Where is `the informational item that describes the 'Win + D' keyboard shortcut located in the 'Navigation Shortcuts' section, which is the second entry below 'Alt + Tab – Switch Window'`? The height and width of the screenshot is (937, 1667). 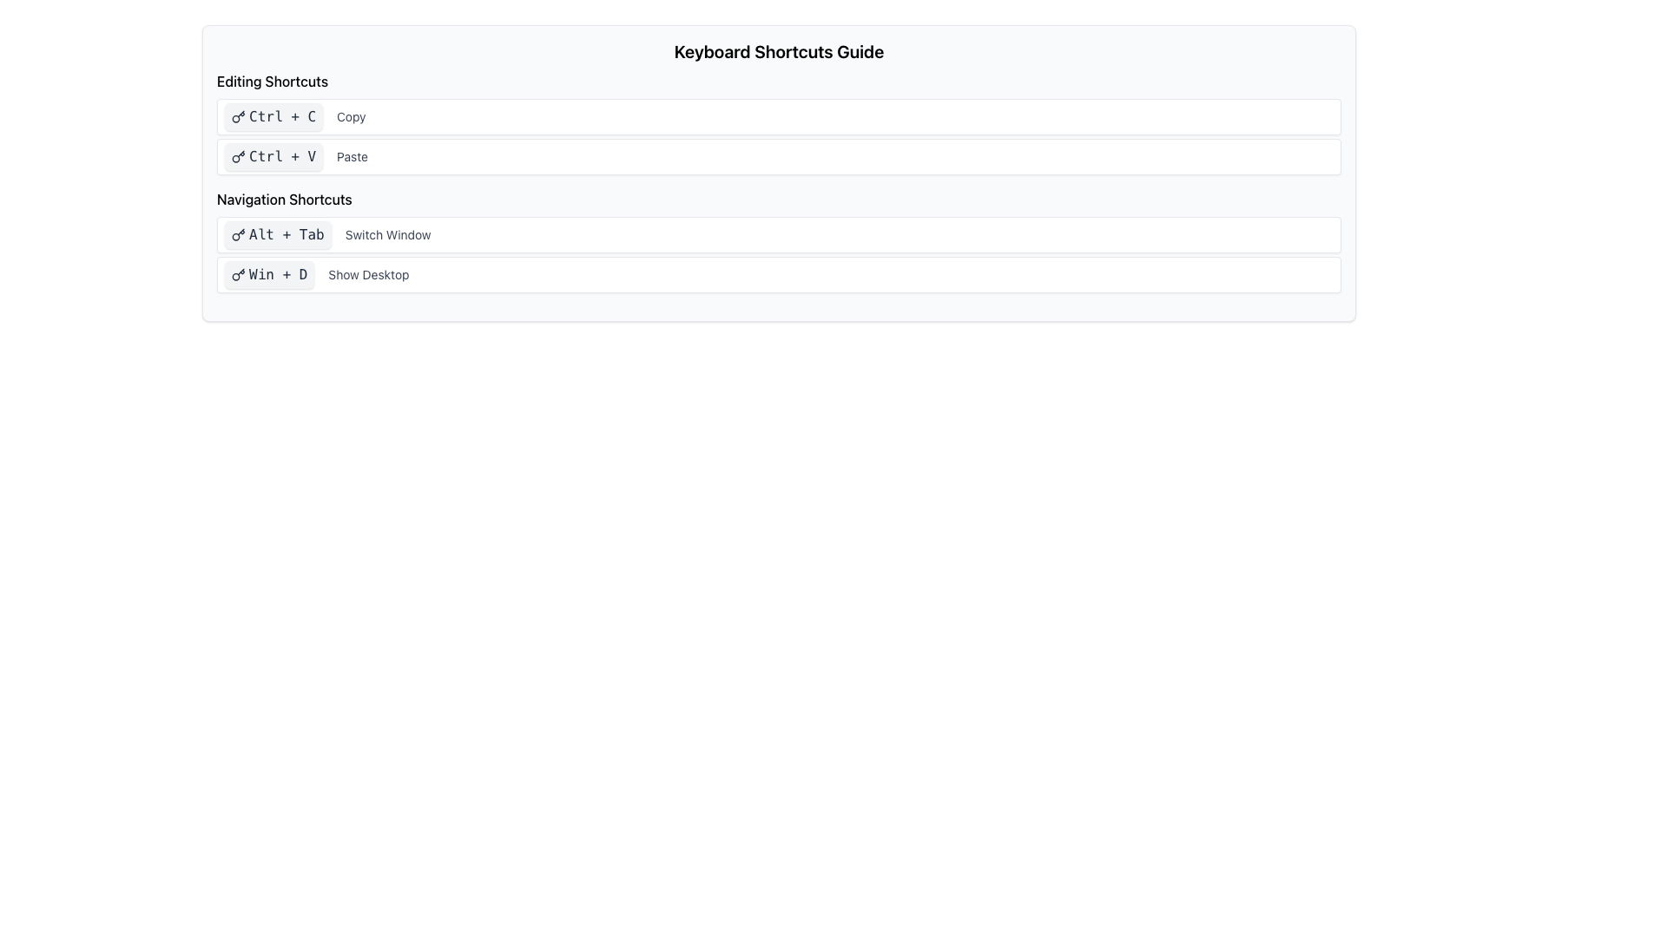
the informational item that describes the 'Win + D' keyboard shortcut located in the 'Navigation Shortcuts' section, which is the second entry below 'Alt + Tab – Switch Window' is located at coordinates (778, 273).